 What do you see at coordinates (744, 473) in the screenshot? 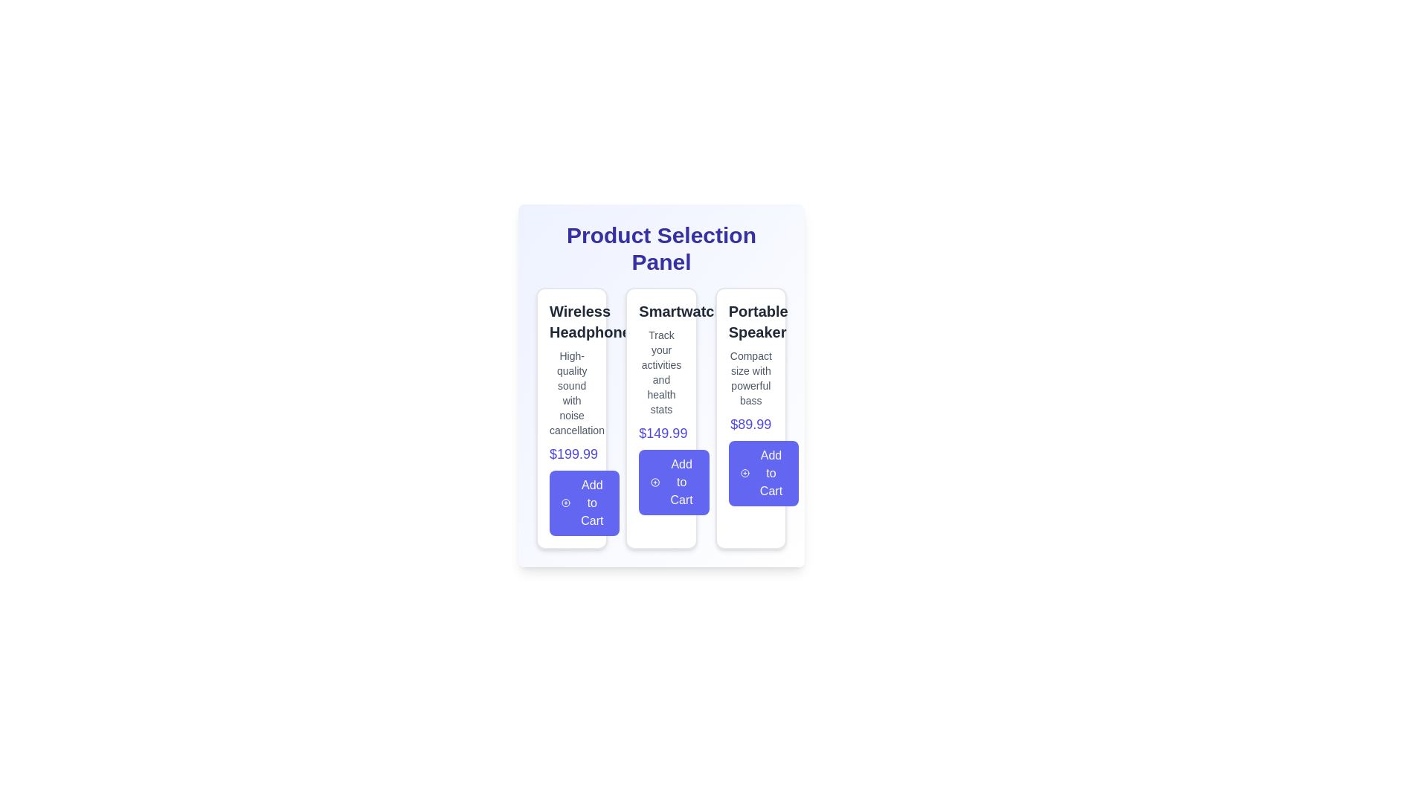
I see `the blue SVG icon with a plus sign located to the left of the 'Add to Cart' text in the button of the Portable Speaker product card` at bounding box center [744, 473].